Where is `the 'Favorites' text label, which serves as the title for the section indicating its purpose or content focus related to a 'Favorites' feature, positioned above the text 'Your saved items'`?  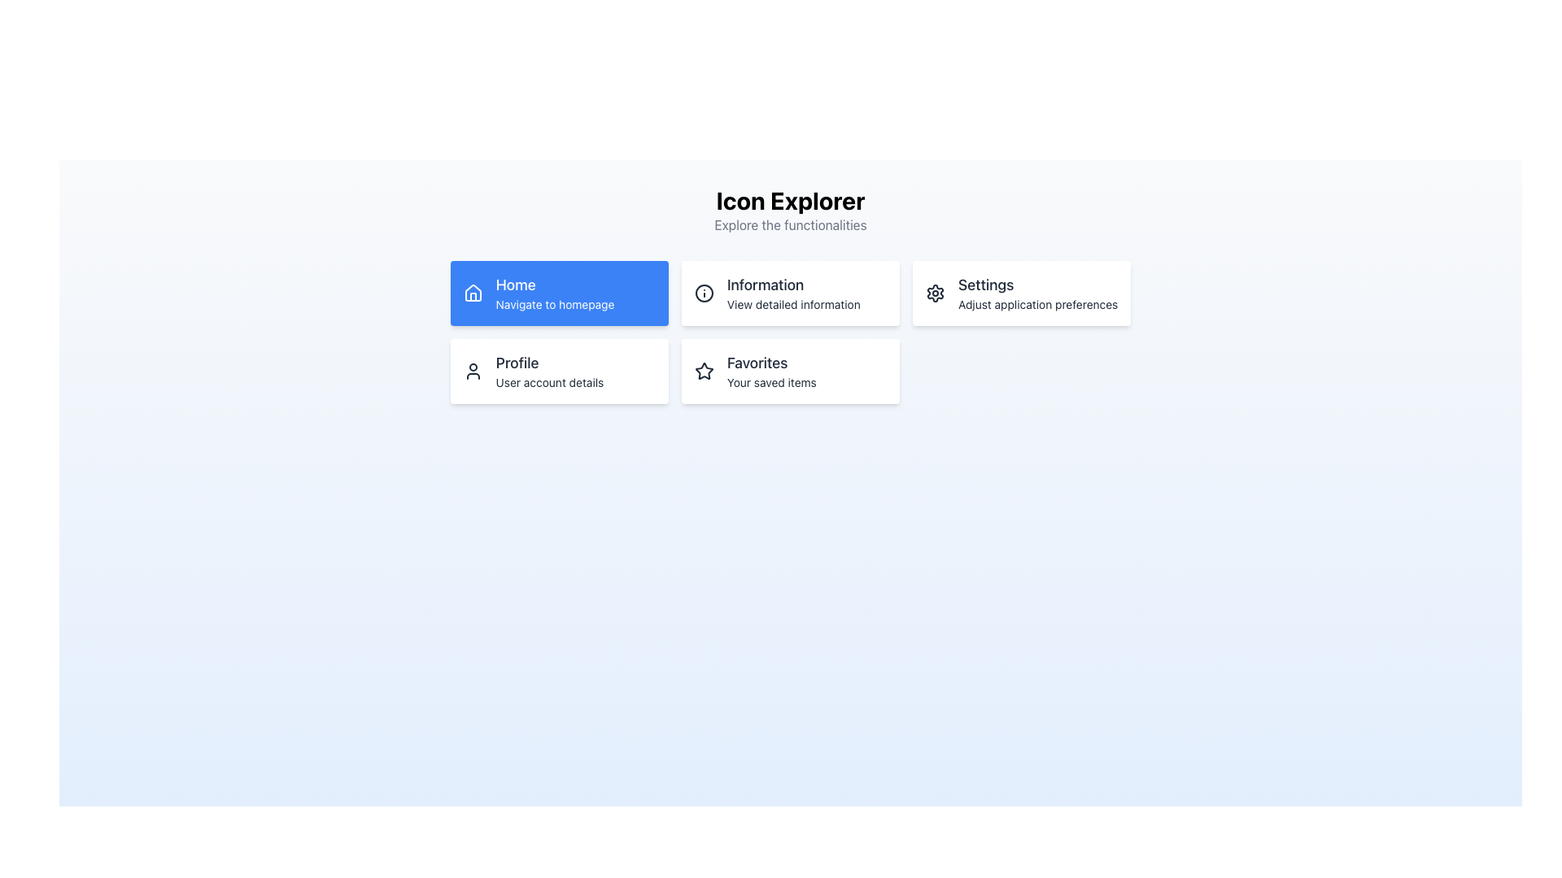 the 'Favorites' text label, which serves as the title for the section indicating its purpose or content focus related to a 'Favorites' feature, positioned above the text 'Your saved items' is located at coordinates (770, 363).